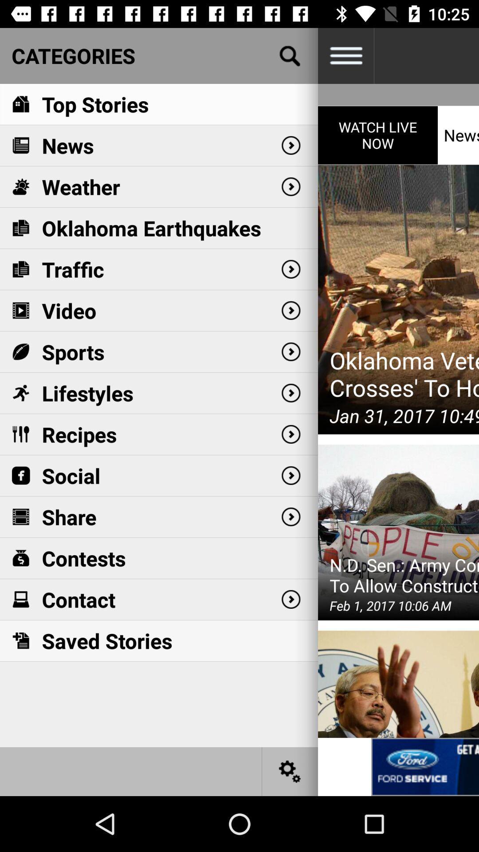 This screenshot has height=852, width=479. I want to click on the settings icon, so click(290, 771).